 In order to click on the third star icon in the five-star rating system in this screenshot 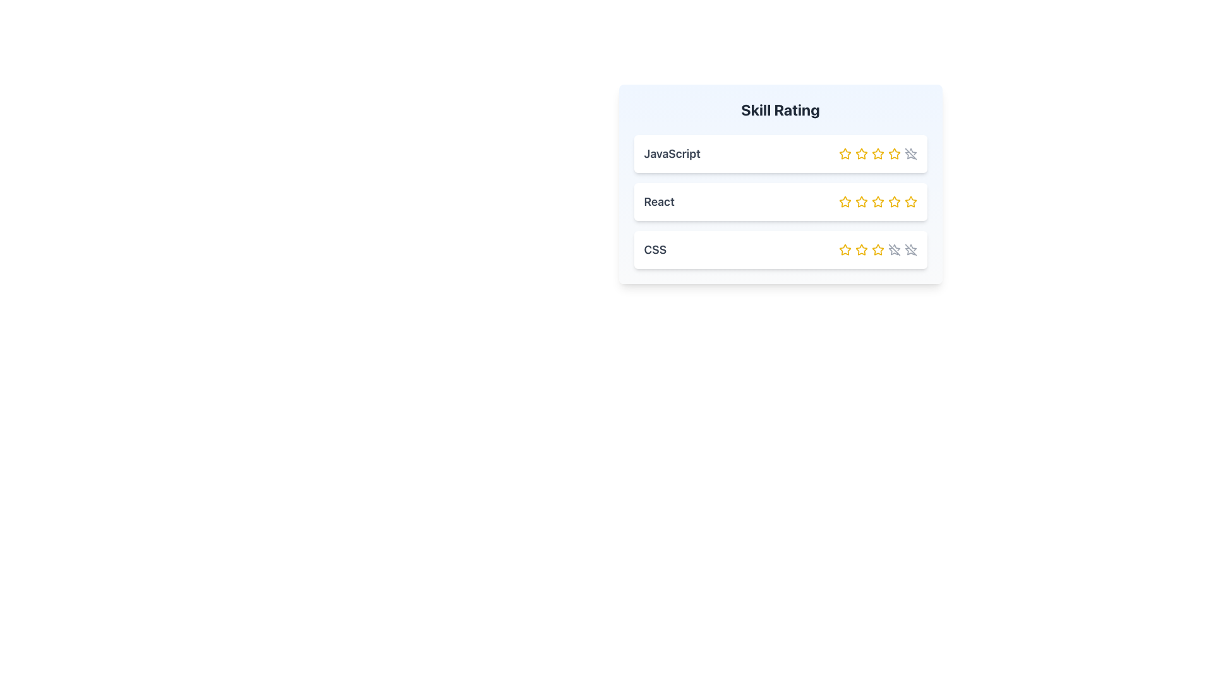, I will do `click(877, 153)`.